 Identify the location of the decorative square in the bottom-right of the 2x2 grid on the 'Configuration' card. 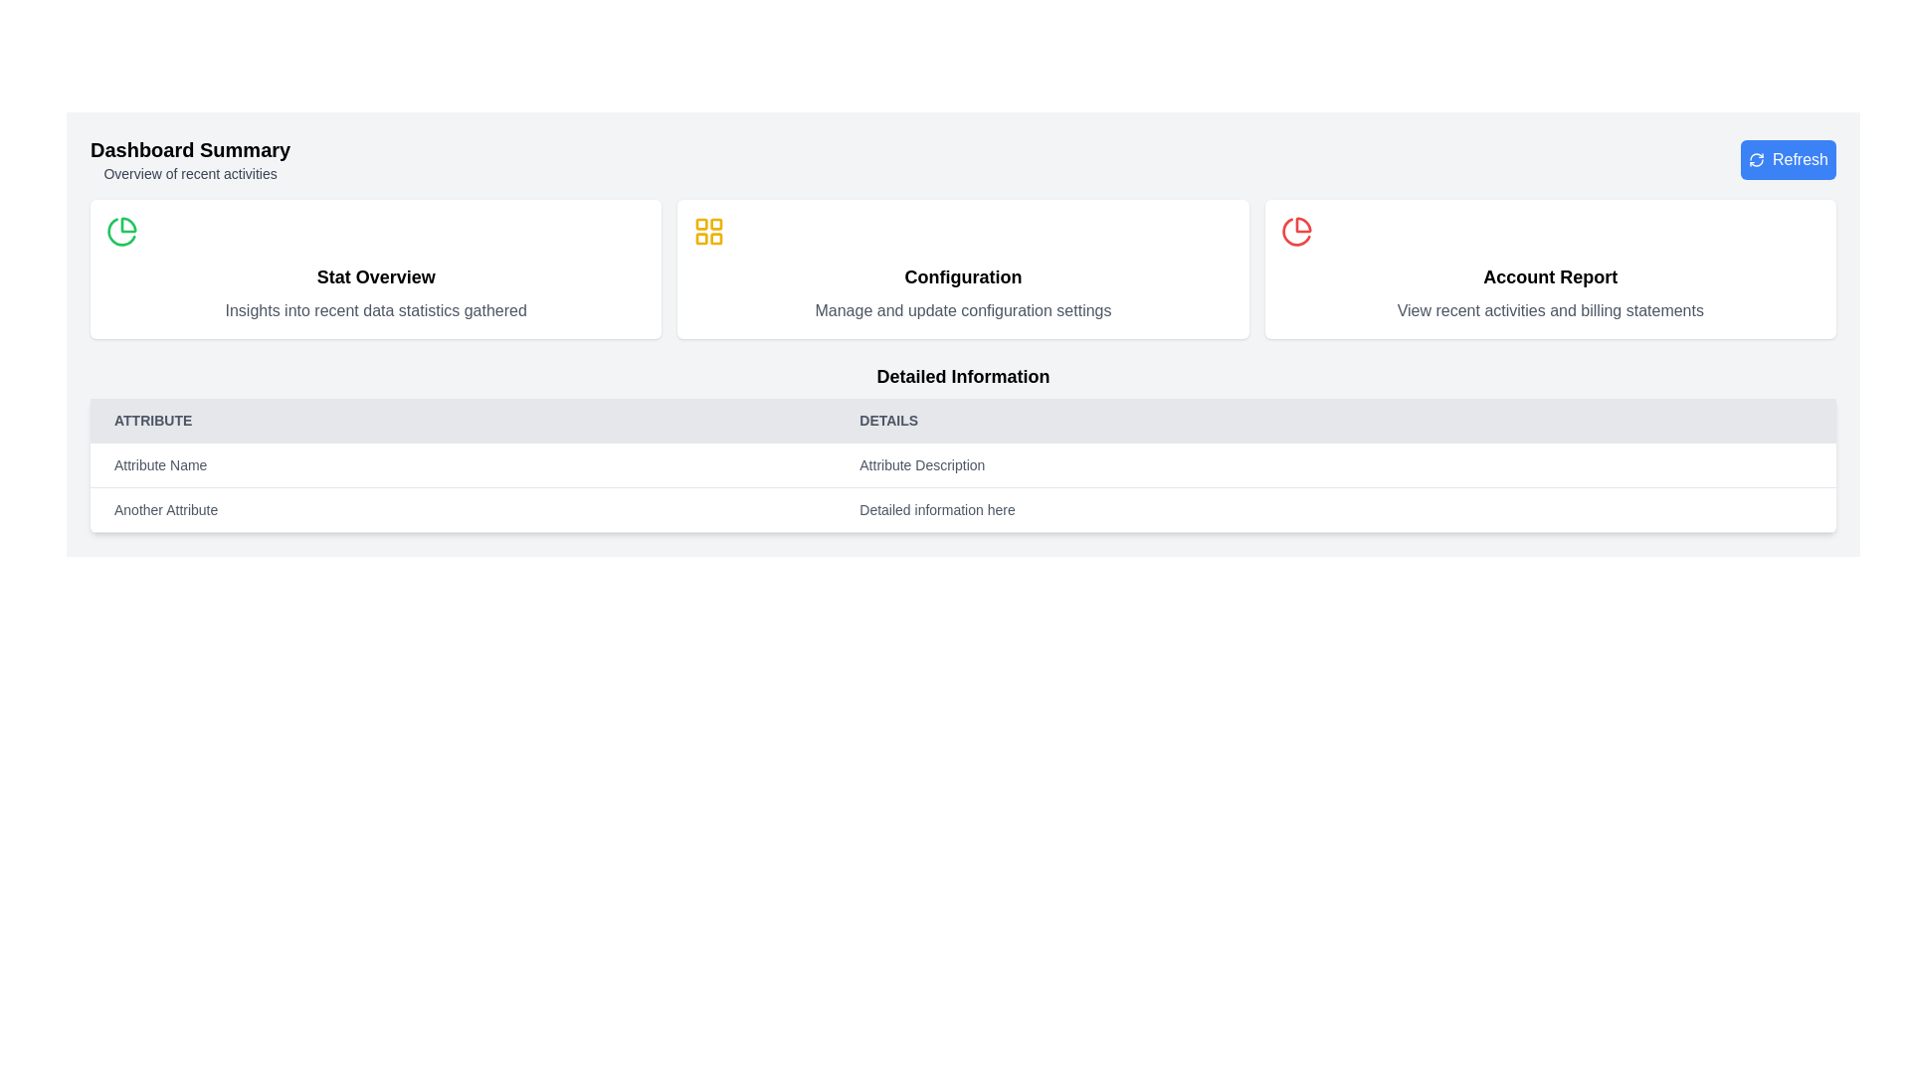
(716, 238).